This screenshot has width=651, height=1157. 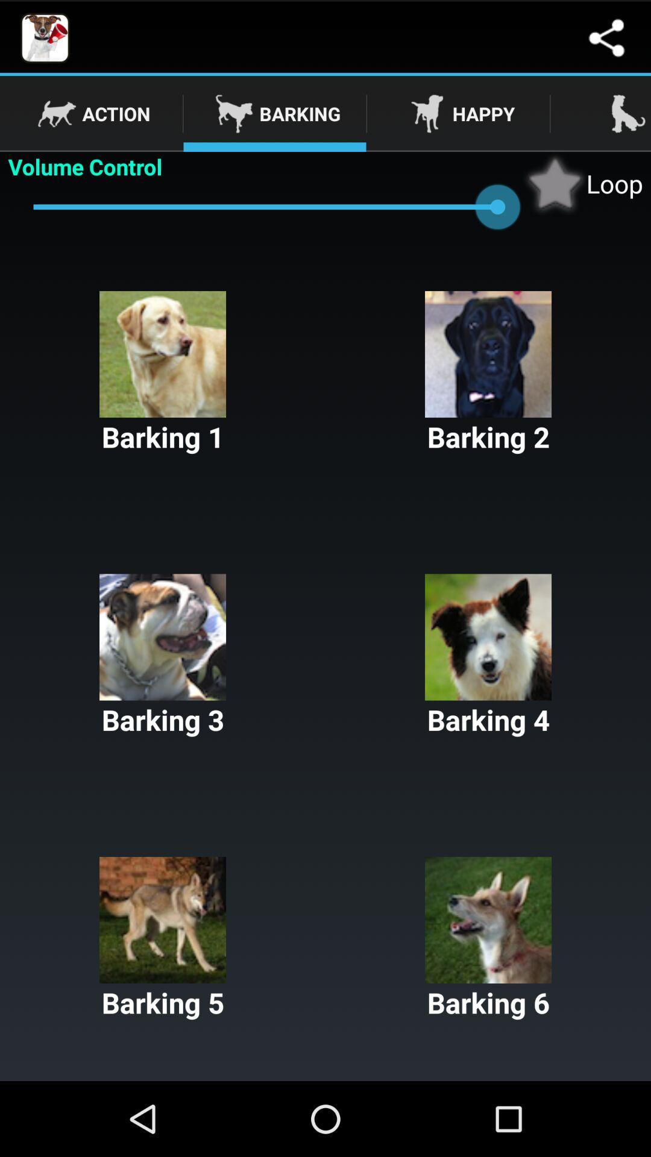 What do you see at coordinates (163, 938) in the screenshot?
I see `the icon to the left of barking 6` at bounding box center [163, 938].